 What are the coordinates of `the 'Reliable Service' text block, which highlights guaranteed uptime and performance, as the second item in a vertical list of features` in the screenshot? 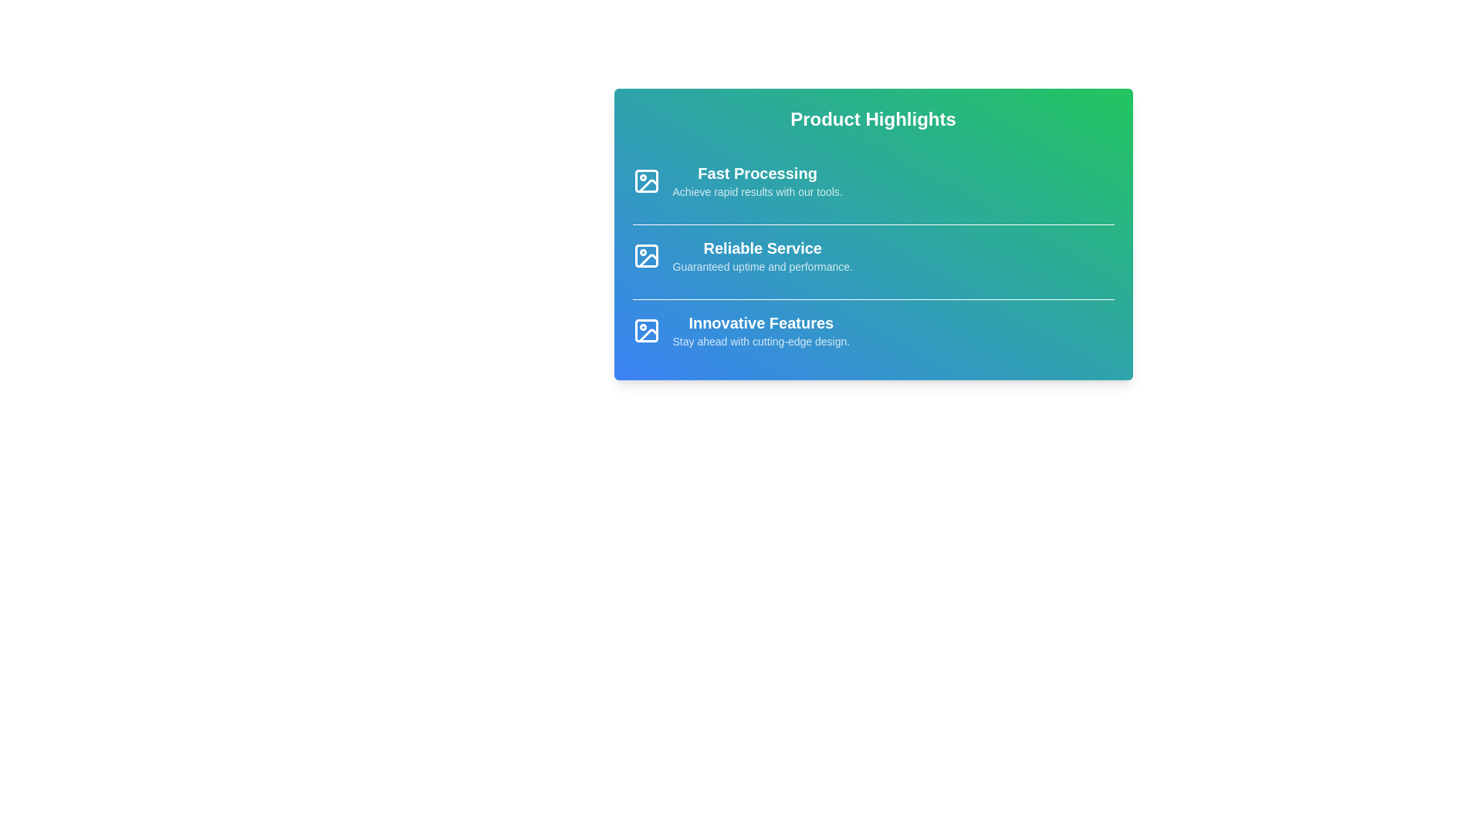 It's located at (763, 255).